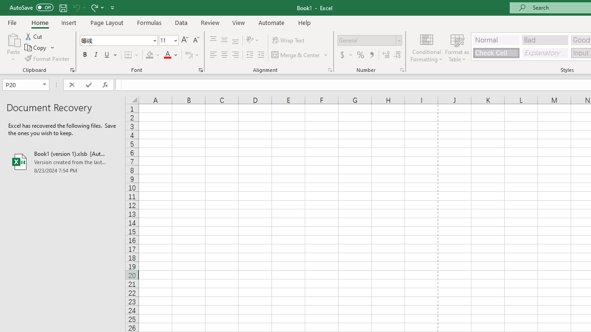 The image size is (591, 332). Describe the element at coordinates (181, 22) in the screenshot. I see `'Data'` at that location.